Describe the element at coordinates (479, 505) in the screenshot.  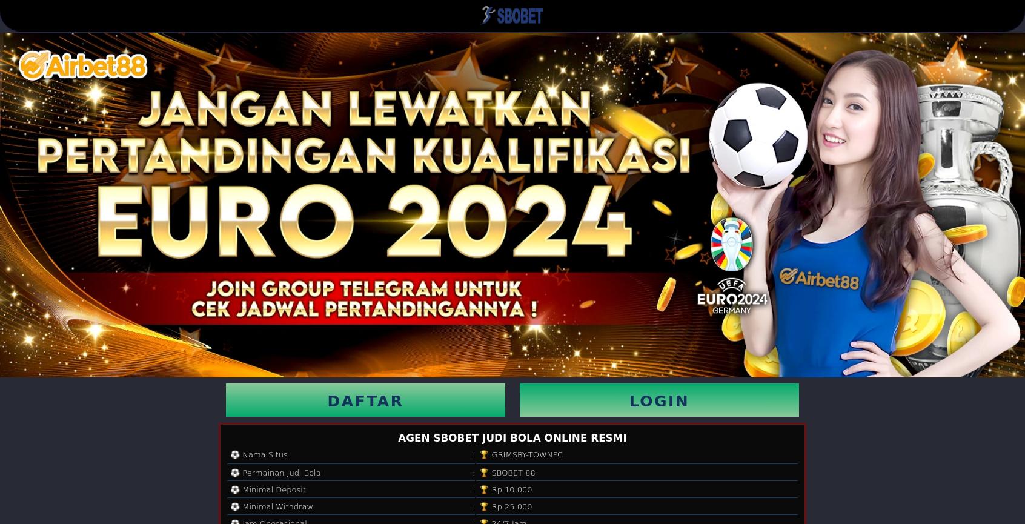
I see `'🏆 Rp 25.000'` at that location.